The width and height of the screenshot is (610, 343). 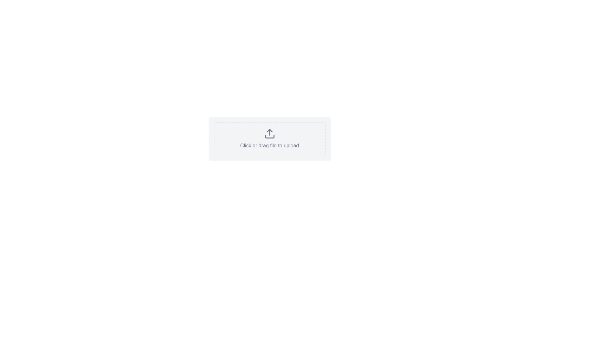 What do you see at coordinates (269, 136) in the screenshot?
I see `the base segment of the upload icon, which is a rectangular block located at the bottom-center of the arrow structure in the SVG graphic` at bounding box center [269, 136].